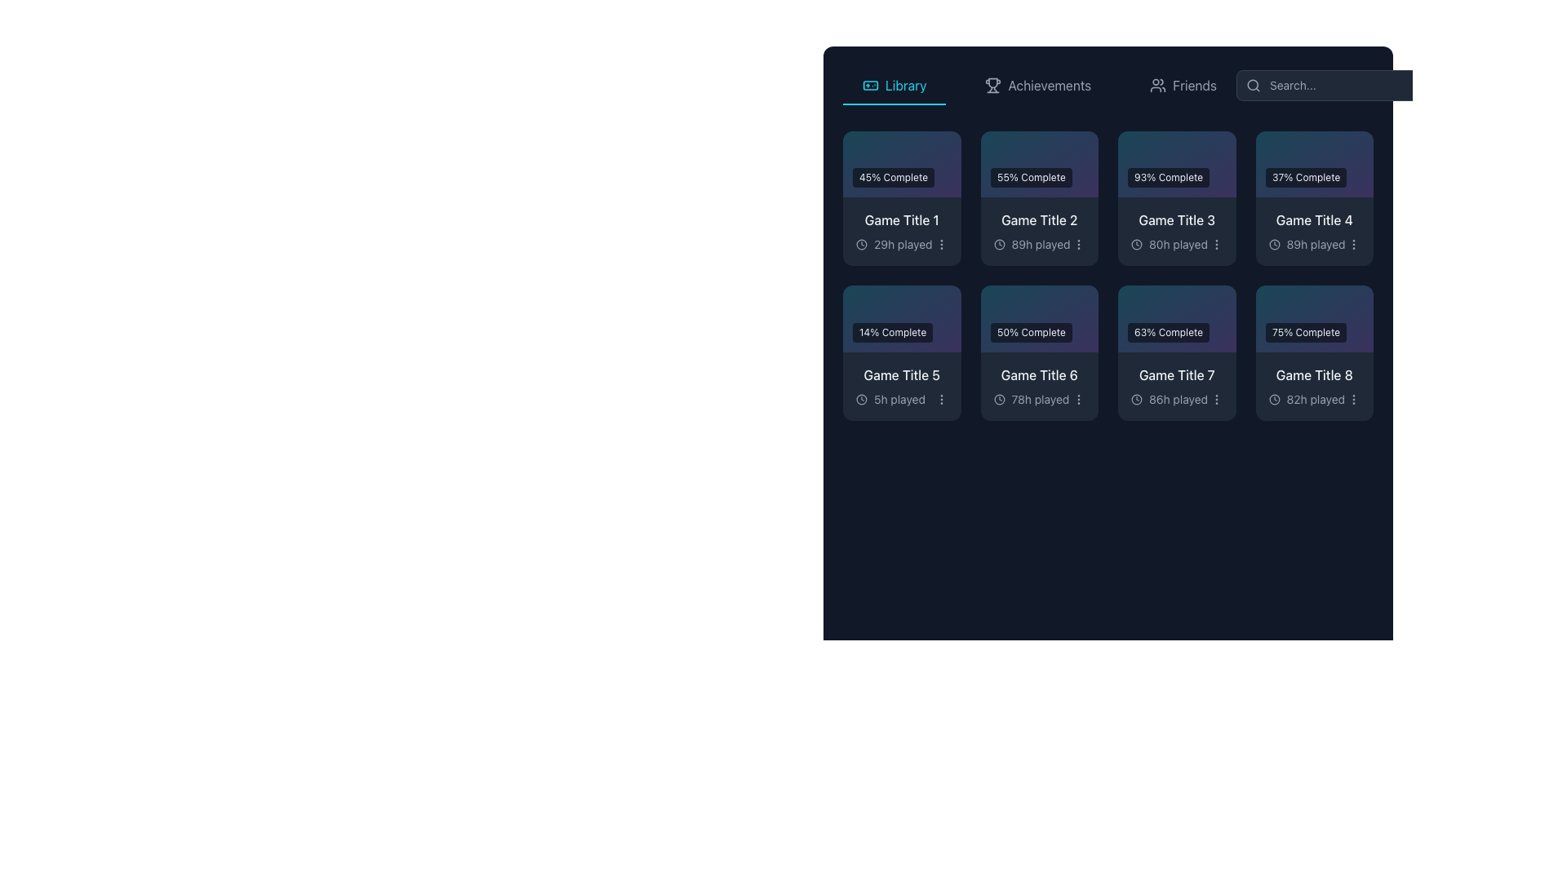 The image size is (1567, 881). Describe the element at coordinates (1157, 85) in the screenshot. I see `the 'Friends' icon located in the upper central navigation bar` at that location.